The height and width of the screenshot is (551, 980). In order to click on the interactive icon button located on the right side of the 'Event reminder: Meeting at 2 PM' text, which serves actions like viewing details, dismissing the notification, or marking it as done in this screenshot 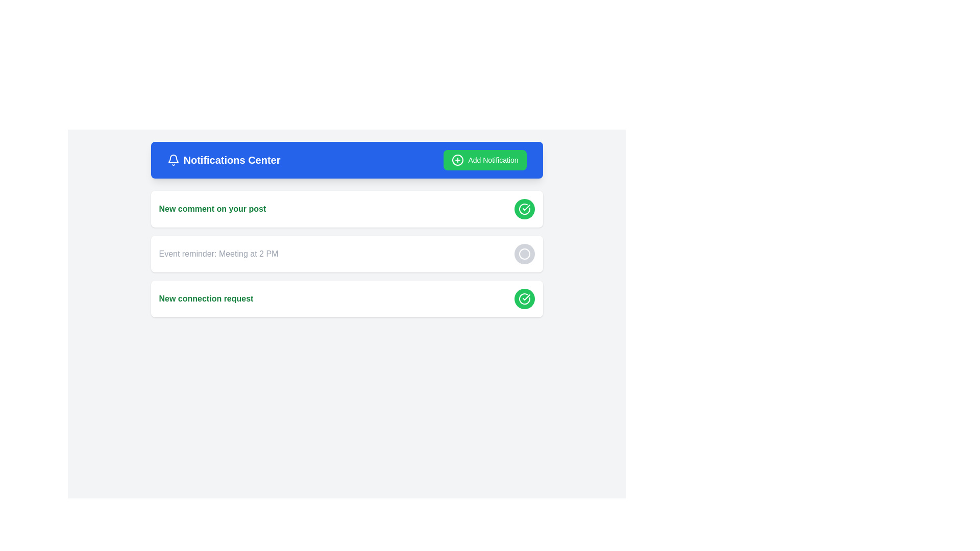, I will do `click(524, 253)`.